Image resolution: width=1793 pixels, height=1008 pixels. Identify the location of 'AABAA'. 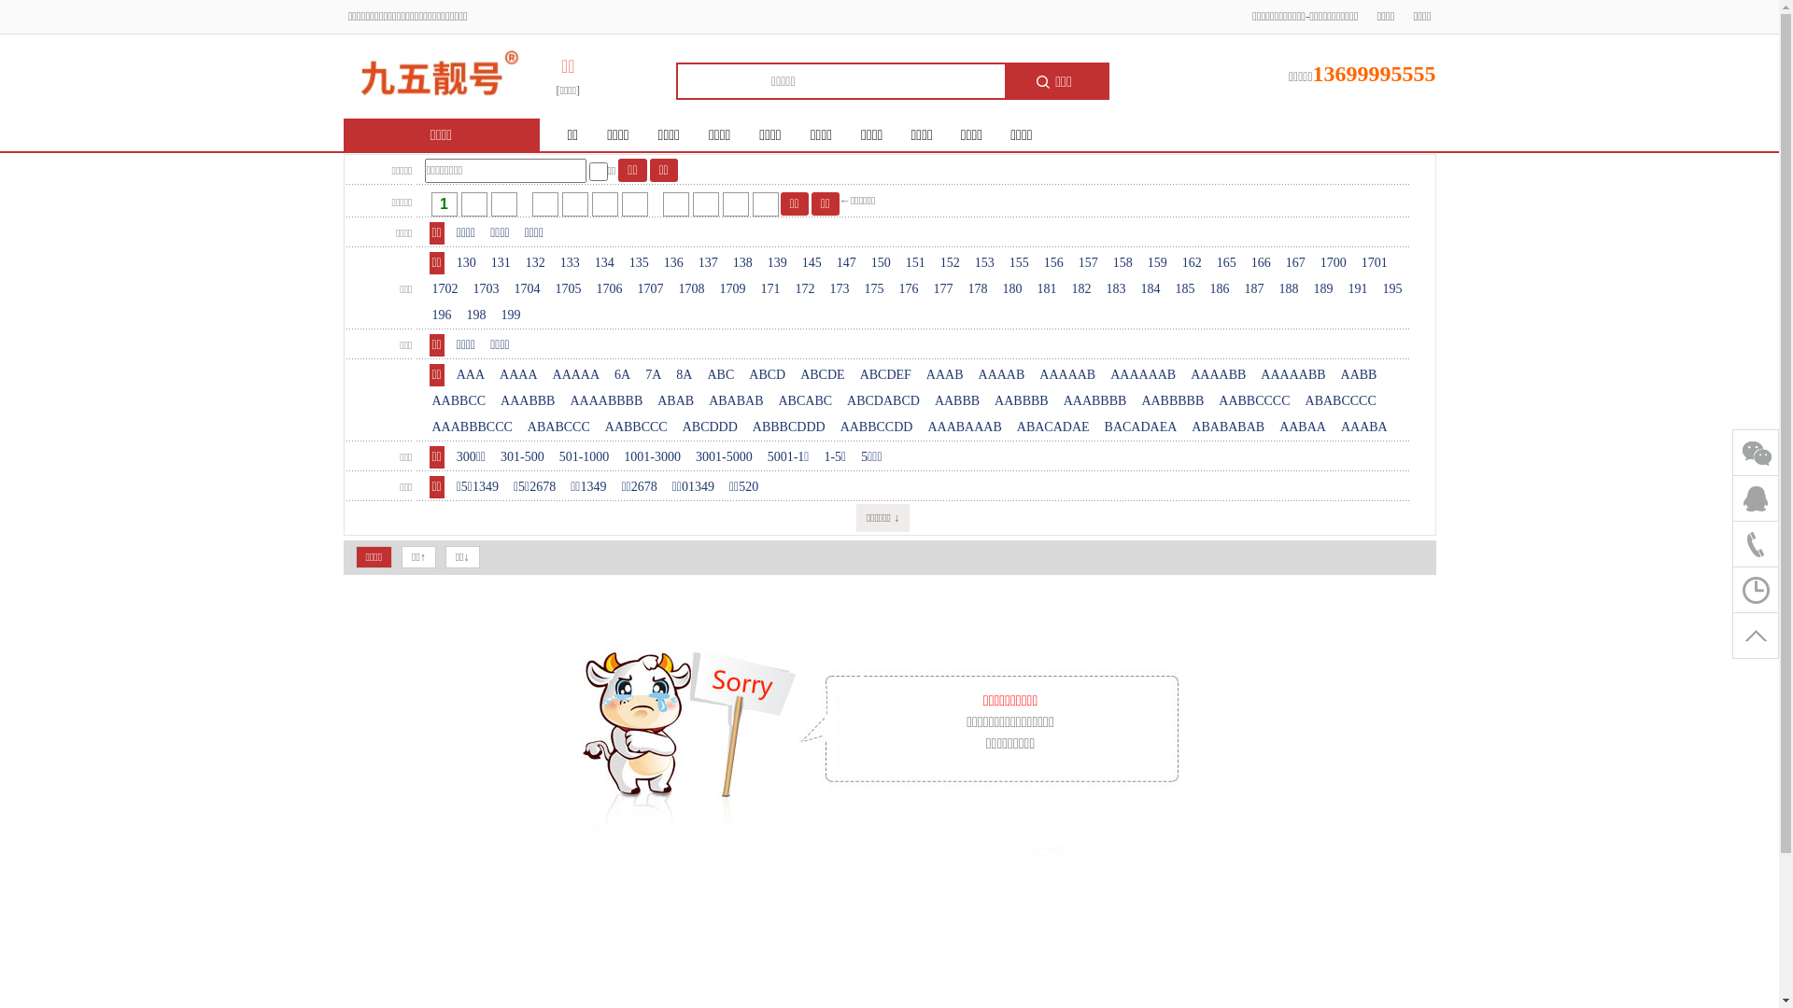
(1276, 427).